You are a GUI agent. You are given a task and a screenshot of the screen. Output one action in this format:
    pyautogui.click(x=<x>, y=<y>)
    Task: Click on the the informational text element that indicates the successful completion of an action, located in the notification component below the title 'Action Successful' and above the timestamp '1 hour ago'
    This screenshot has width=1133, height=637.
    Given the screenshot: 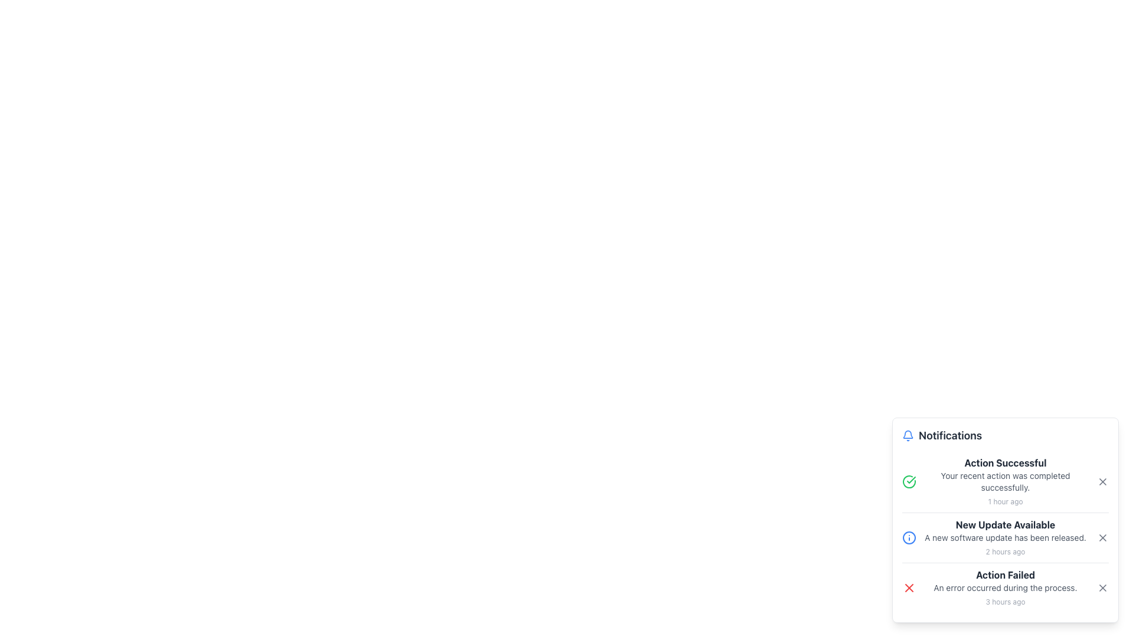 What is the action you would take?
    pyautogui.click(x=1005, y=482)
    